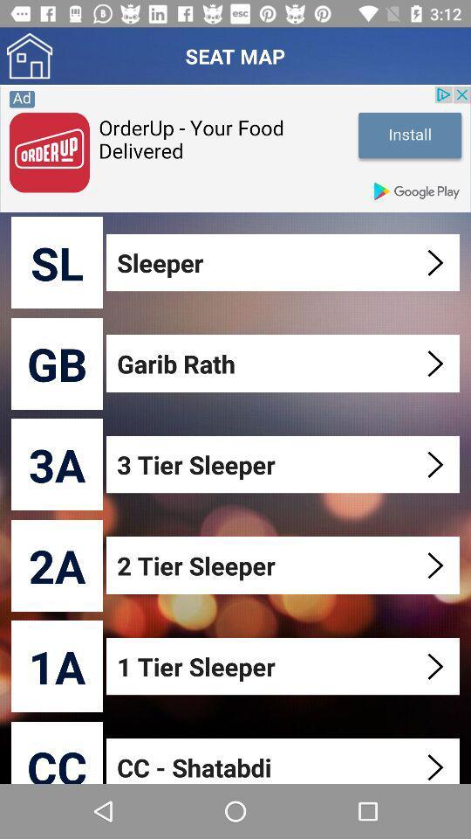  I want to click on the icon below 2a item, so click(57, 665).